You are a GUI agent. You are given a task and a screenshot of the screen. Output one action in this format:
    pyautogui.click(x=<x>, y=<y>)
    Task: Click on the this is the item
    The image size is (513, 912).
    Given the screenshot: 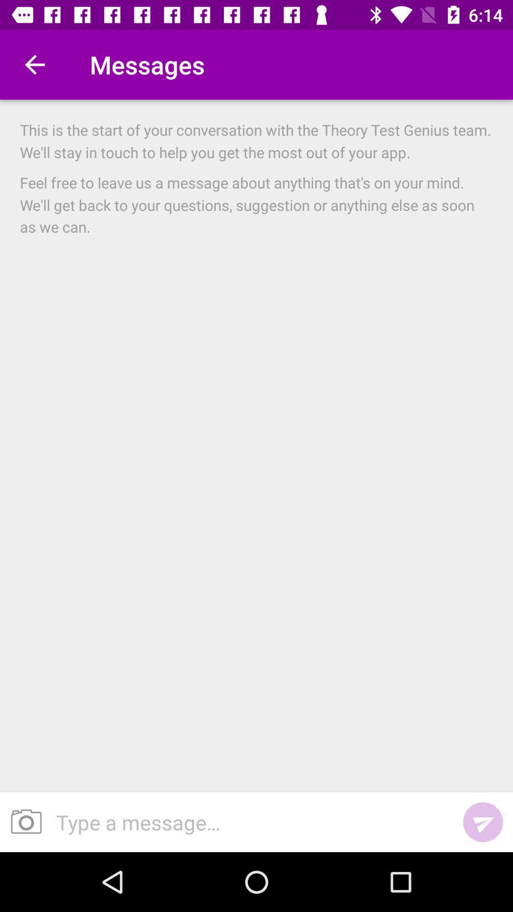 What is the action you would take?
    pyautogui.click(x=256, y=141)
    